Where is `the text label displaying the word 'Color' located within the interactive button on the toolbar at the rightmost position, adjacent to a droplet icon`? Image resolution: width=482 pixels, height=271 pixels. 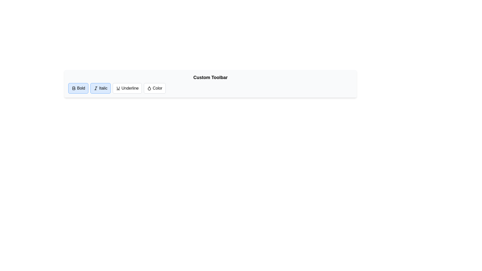 the text label displaying the word 'Color' located within the interactive button on the toolbar at the rightmost position, adjacent to a droplet icon is located at coordinates (157, 88).